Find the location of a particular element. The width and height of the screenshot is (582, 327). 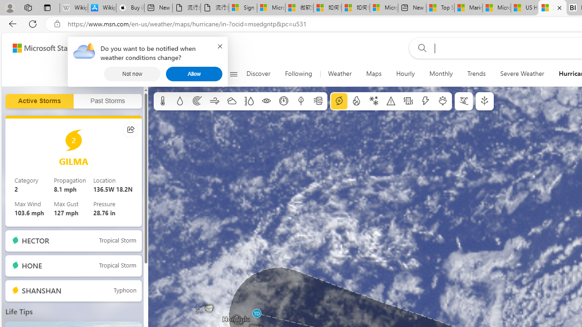

'Trends' is located at coordinates (476, 74).